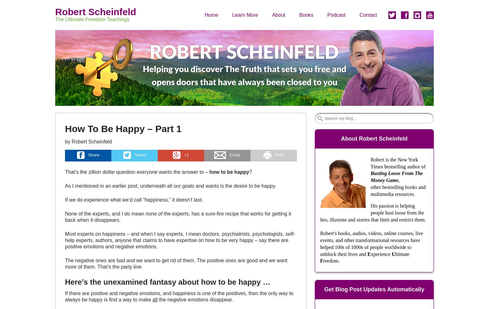 The width and height of the screenshot is (489, 309). What do you see at coordinates (336, 15) in the screenshot?
I see `'Podcast'` at bounding box center [336, 15].